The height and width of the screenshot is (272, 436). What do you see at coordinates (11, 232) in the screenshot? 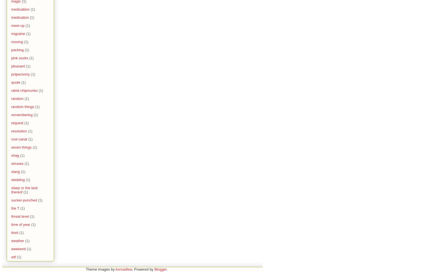
I see `'tired'` at bounding box center [11, 232].